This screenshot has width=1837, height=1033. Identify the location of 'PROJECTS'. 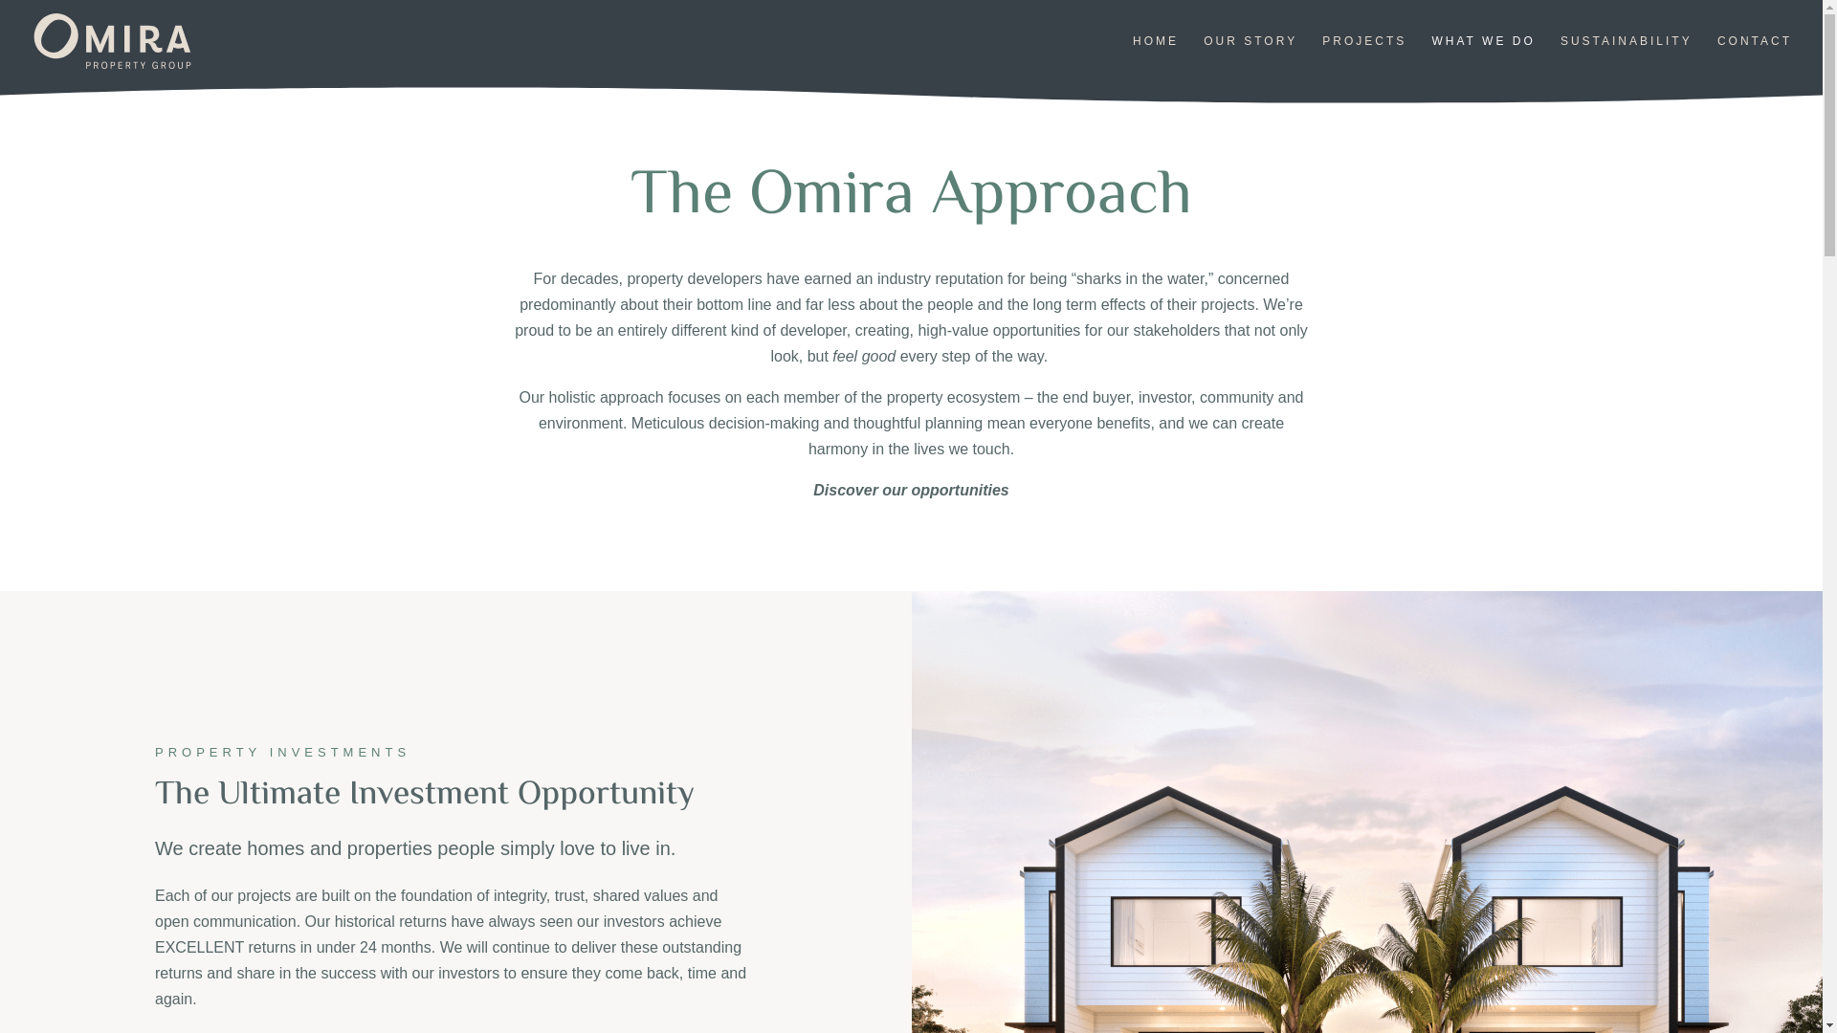
(1362, 57).